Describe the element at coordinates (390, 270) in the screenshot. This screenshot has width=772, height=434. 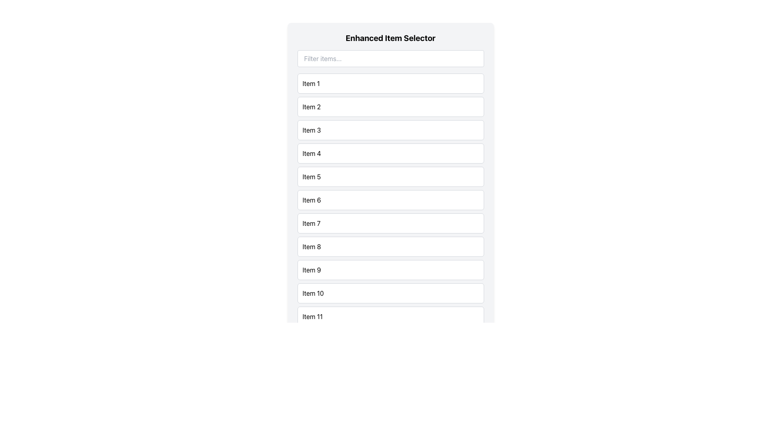
I see `the selectable list item labeled 'Item 9', which is a horizontally aligned rectangular box with rounded corners, located below 'Item 8' and above 'Item 10'` at that location.